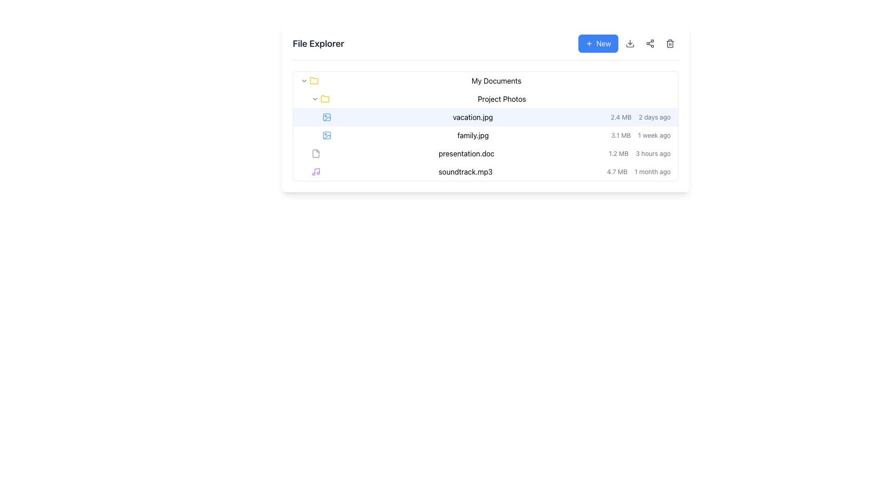 The image size is (873, 491). Describe the element at coordinates (485, 172) in the screenshot. I see `the file entry row for 'soundtrack.mp3'` at that location.